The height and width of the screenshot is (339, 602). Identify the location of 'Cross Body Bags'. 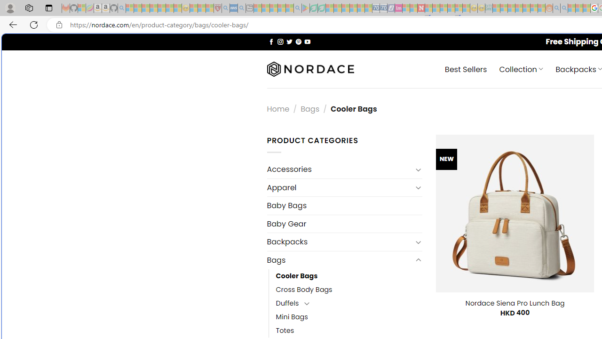
(304, 289).